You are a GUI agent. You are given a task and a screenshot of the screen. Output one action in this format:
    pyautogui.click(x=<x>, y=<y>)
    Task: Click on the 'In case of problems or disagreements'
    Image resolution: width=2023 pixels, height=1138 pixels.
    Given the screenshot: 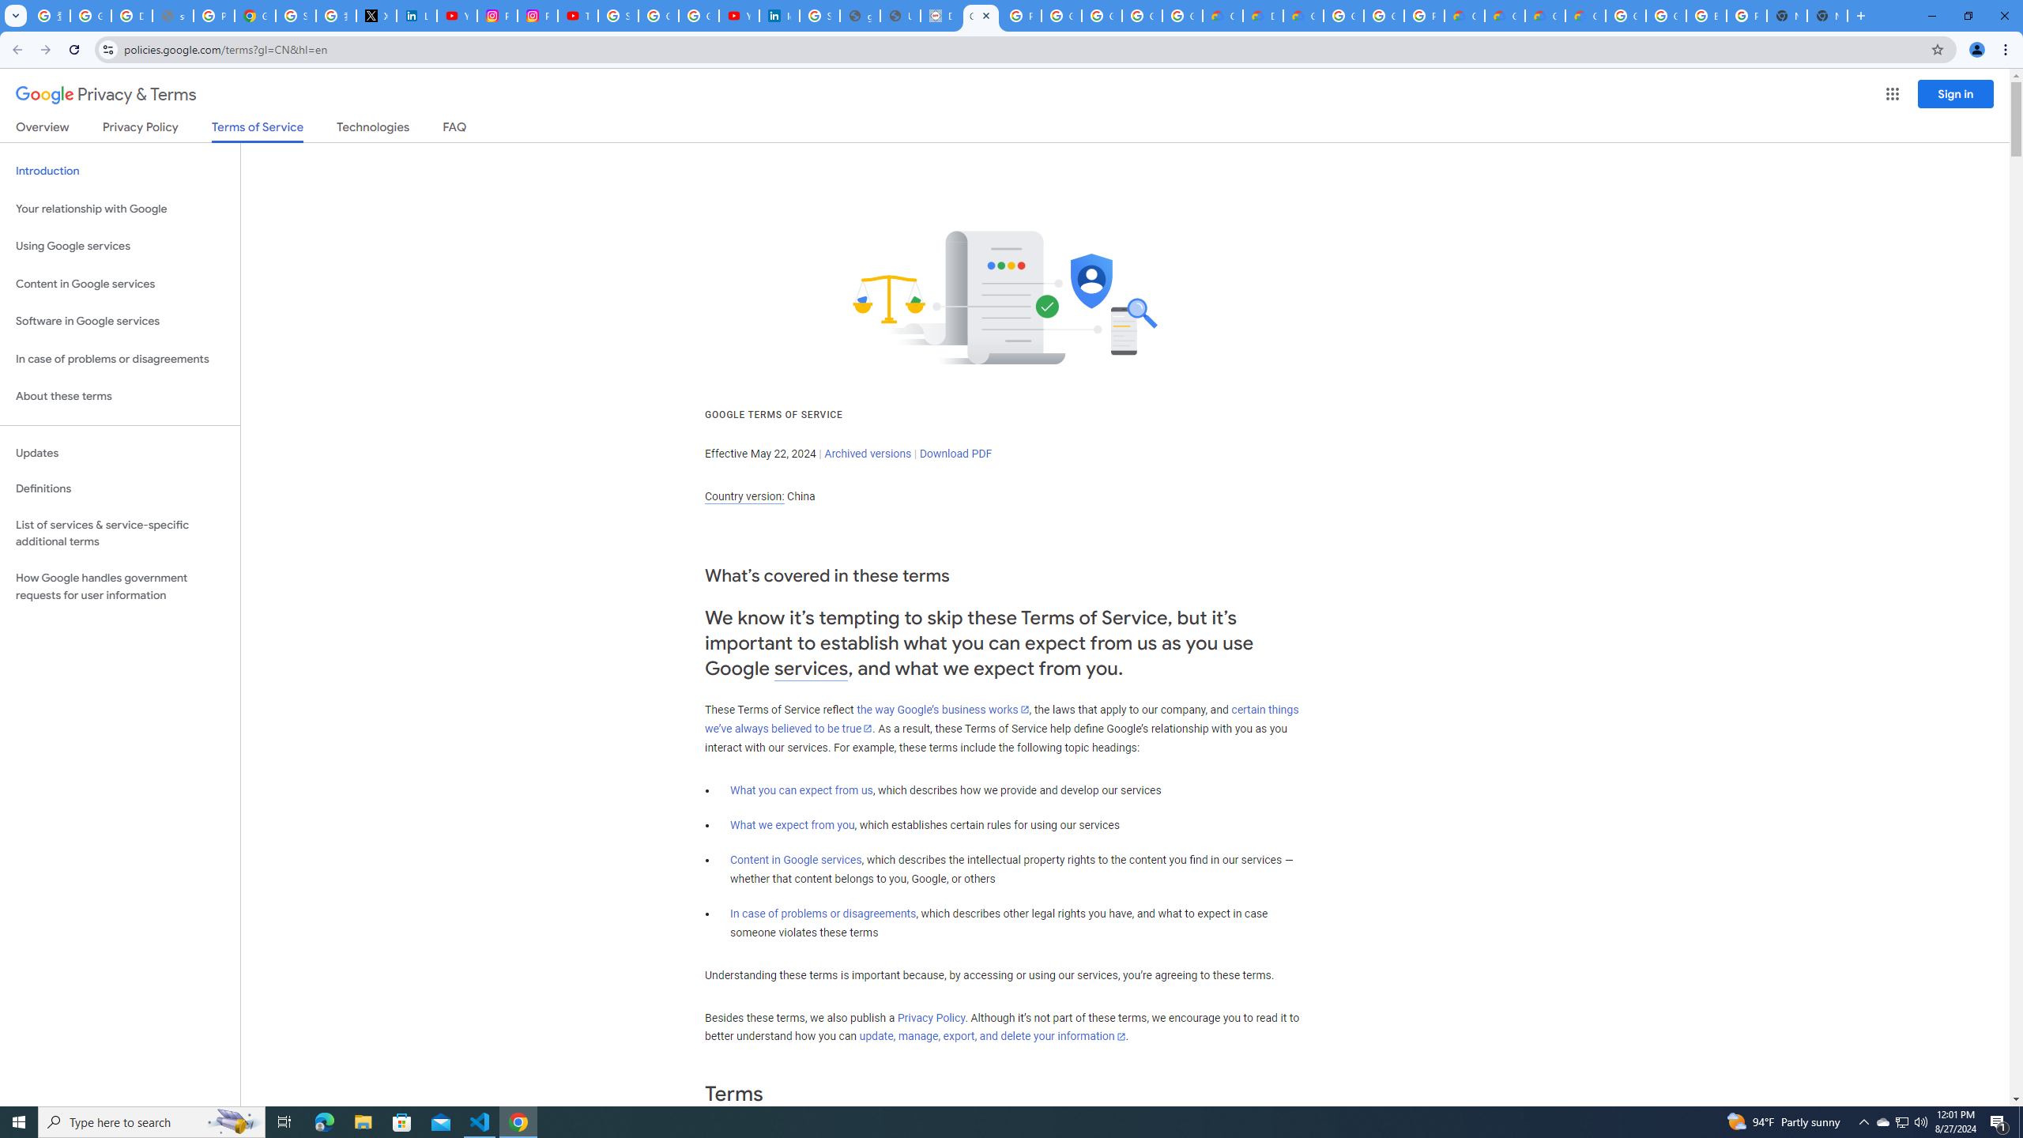 What is the action you would take?
    pyautogui.click(x=822, y=914)
    